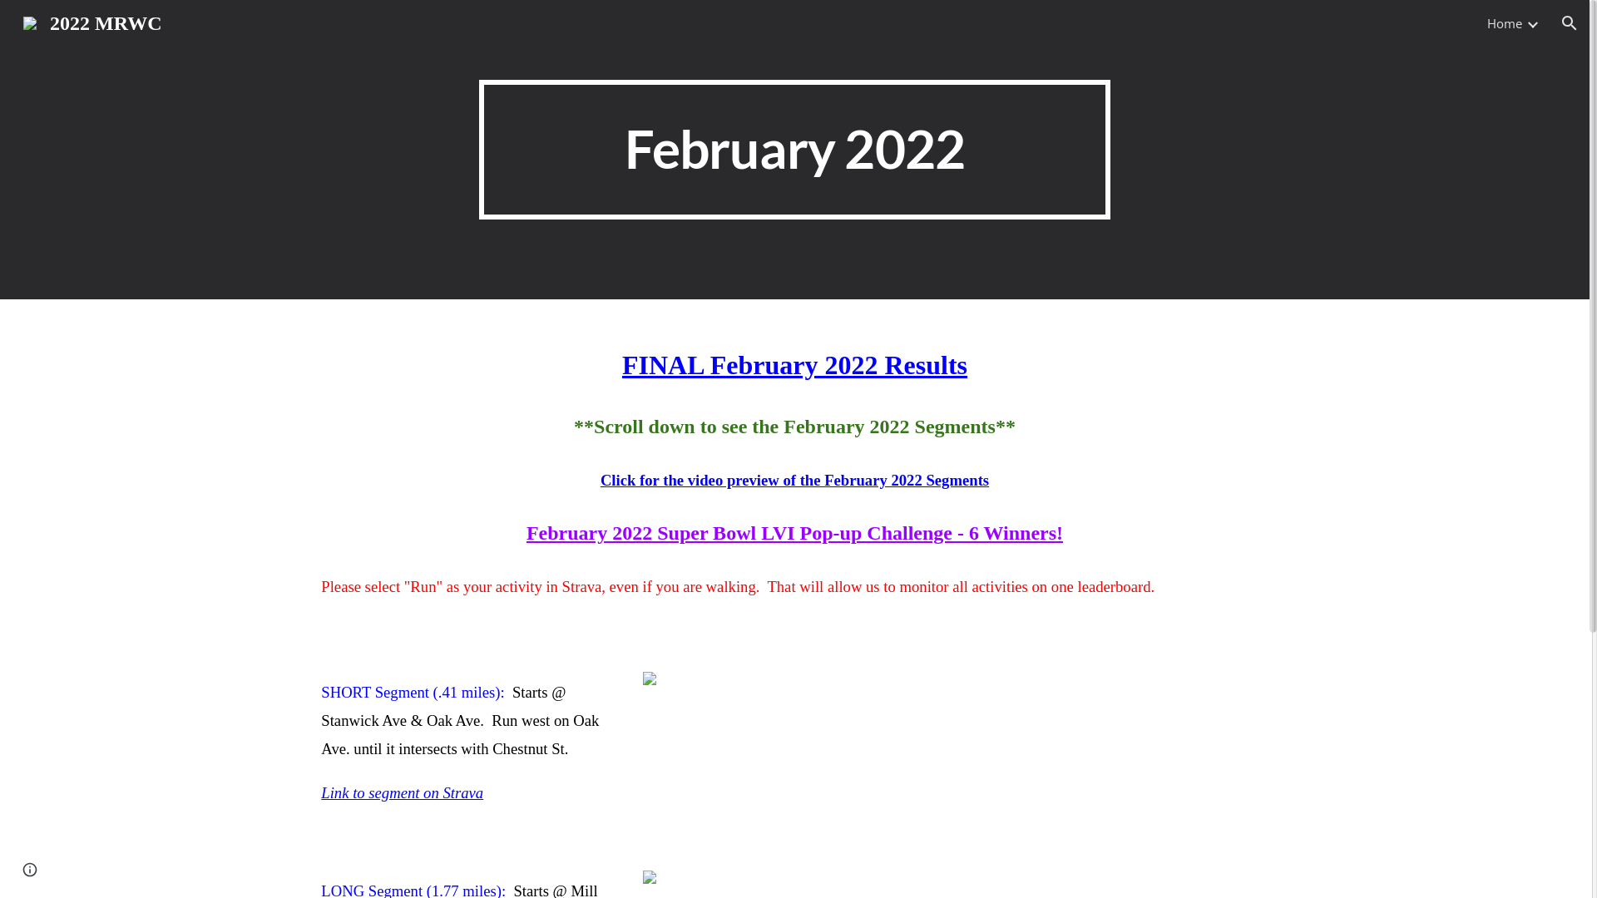 The width and height of the screenshot is (1597, 898). I want to click on 'Link to segment on Strava', so click(402, 792).